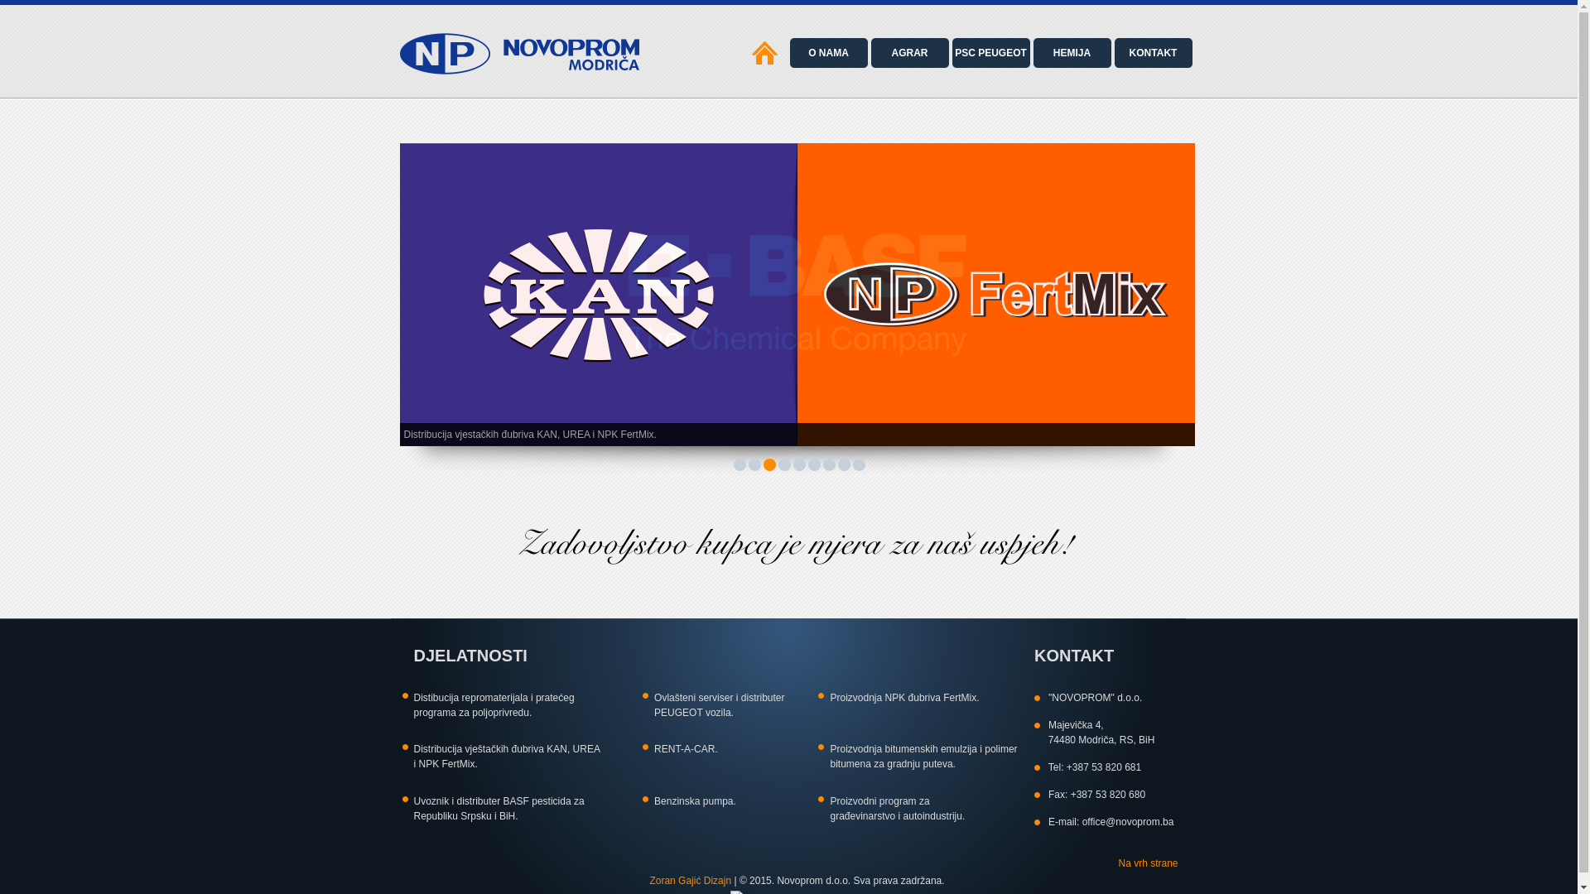 Image resolution: width=1590 pixels, height=894 pixels. Describe the element at coordinates (949, 52) in the screenshot. I see `'PSC PEUGEOT'` at that location.